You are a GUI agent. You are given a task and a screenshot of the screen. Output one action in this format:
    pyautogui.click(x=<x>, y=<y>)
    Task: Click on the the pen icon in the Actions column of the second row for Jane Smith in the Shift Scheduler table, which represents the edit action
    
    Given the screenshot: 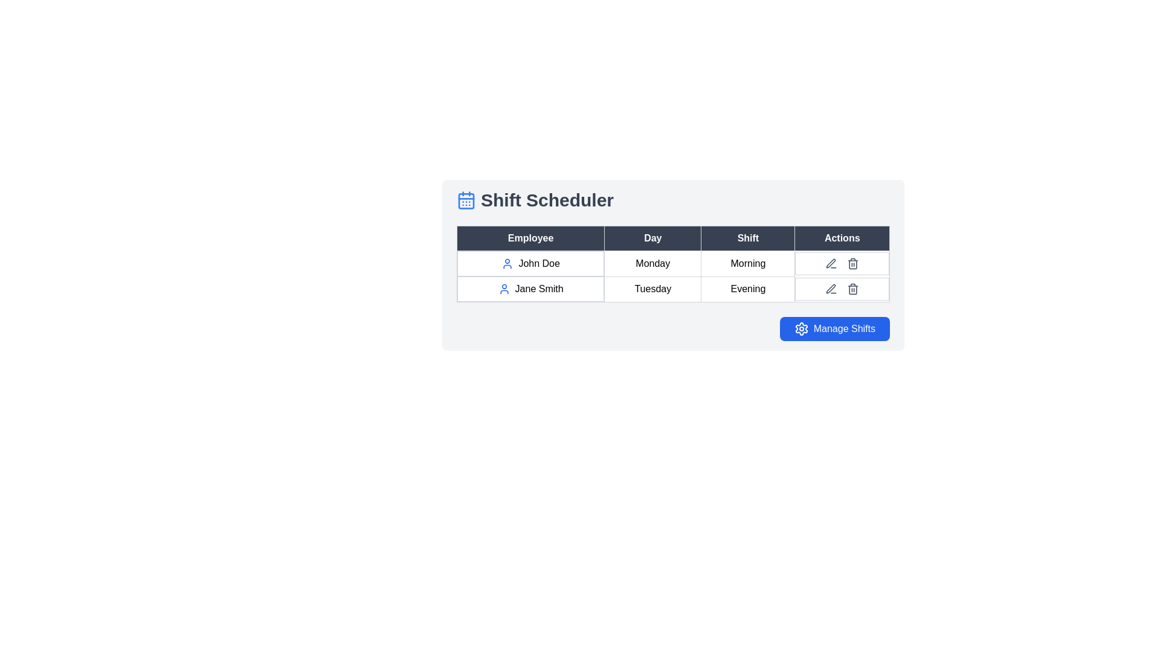 What is the action you would take?
    pyautogui.click(x=830, y=289)
    